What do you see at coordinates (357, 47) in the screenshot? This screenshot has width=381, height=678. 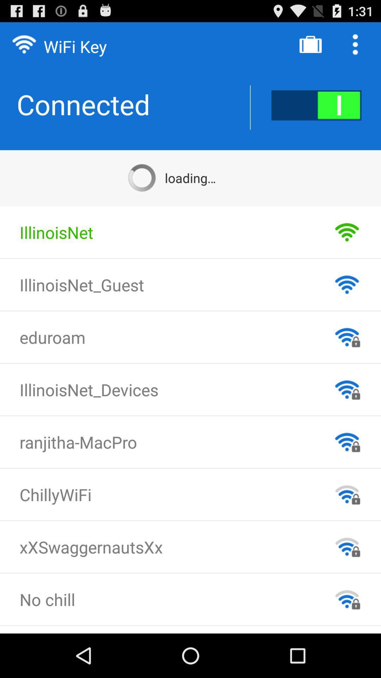 I see `the more icon` at bounding box center [357, 47].